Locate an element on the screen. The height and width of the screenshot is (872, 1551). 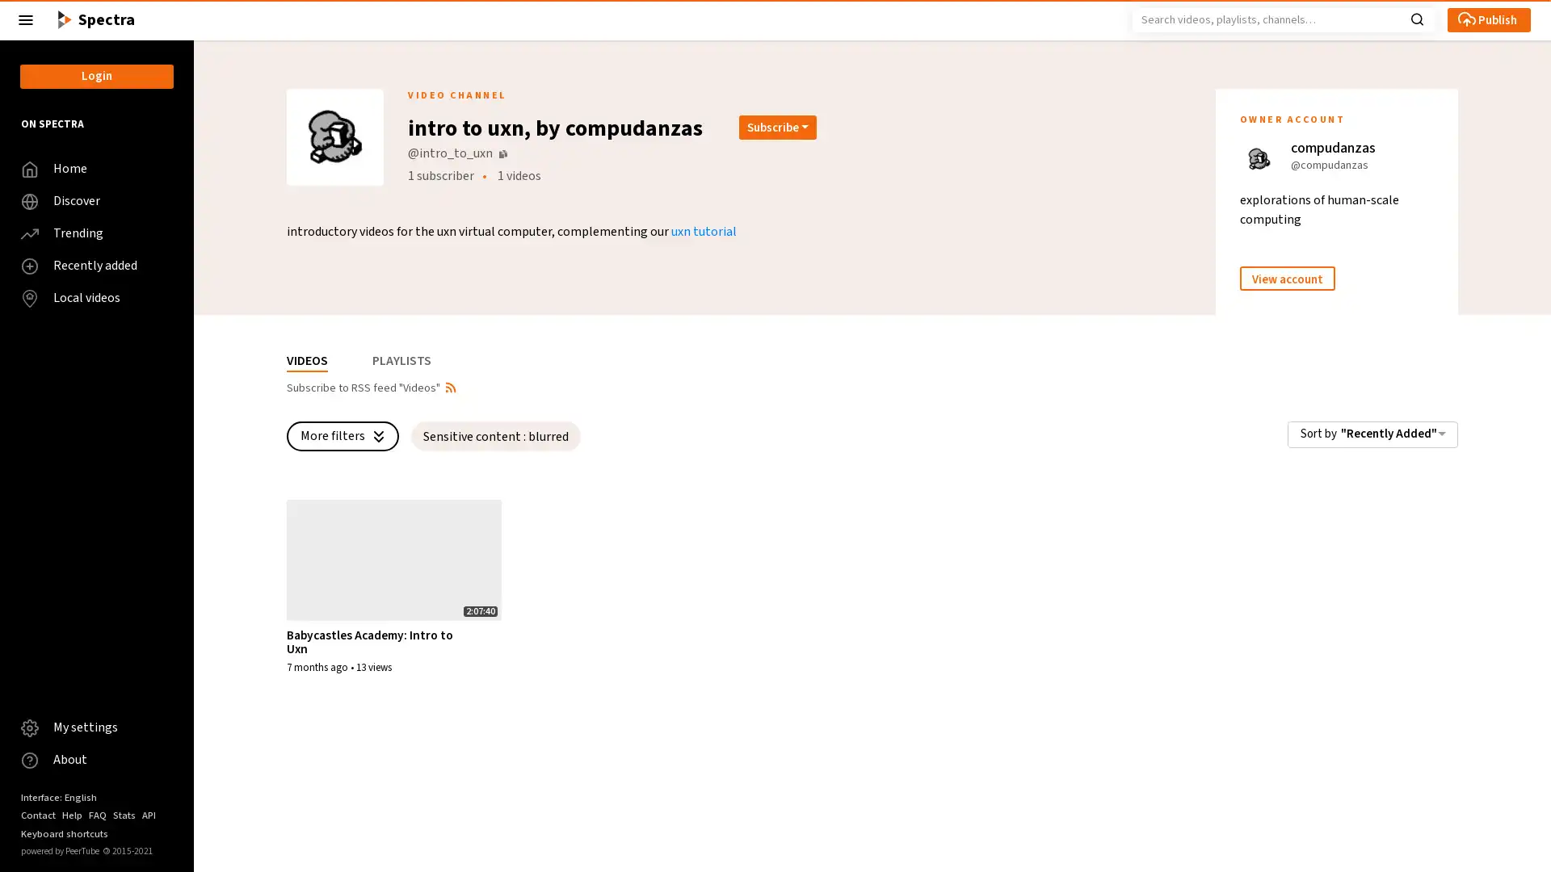
Close the left menu is located at coordinates (26, 19).